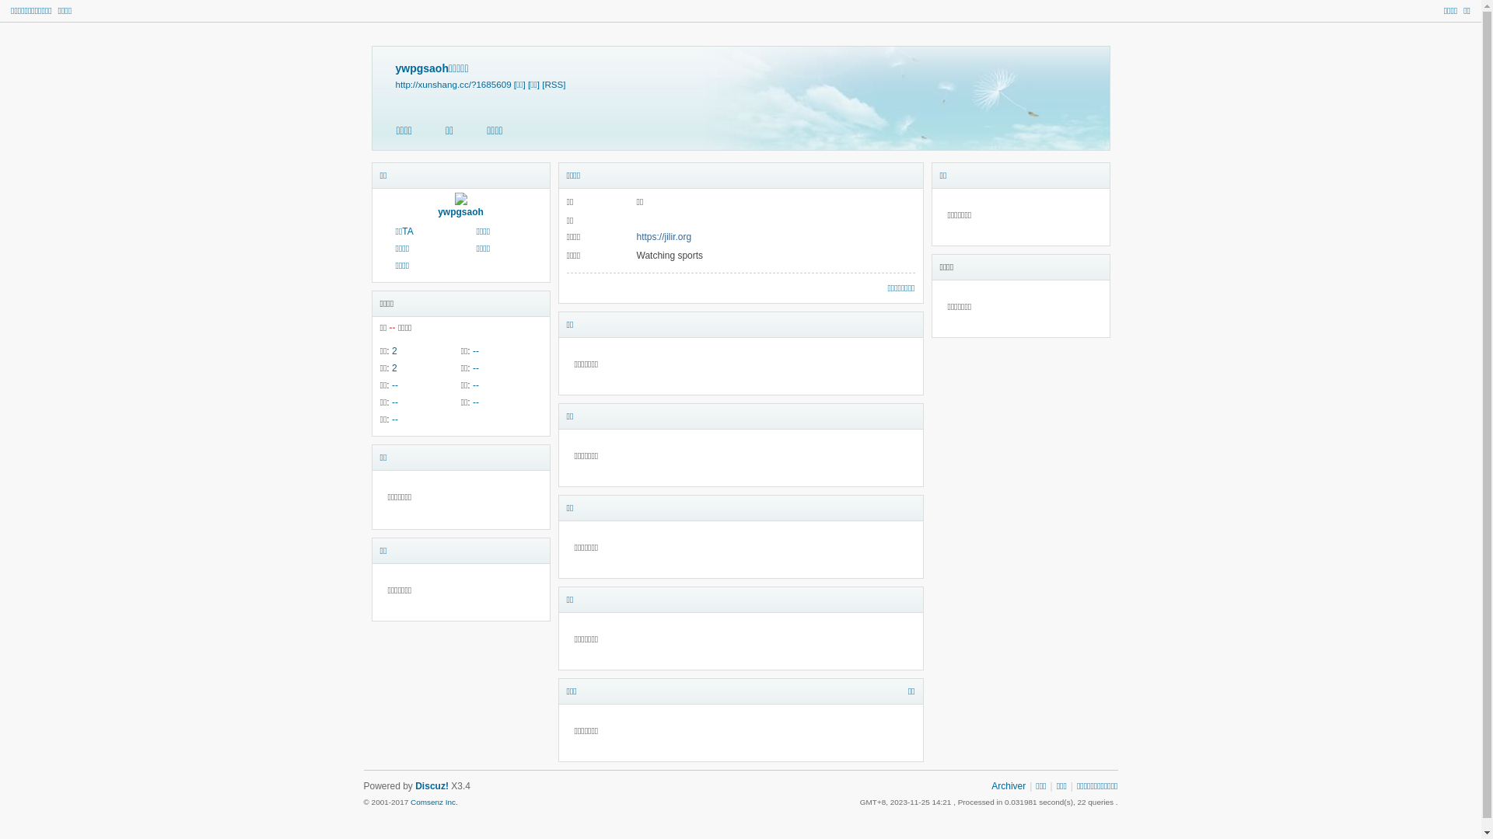 The image size is (1493, 839). Describe the element at coordinates (663, 236) in the screenshot. I see `'https://jilir.org'` at that location.